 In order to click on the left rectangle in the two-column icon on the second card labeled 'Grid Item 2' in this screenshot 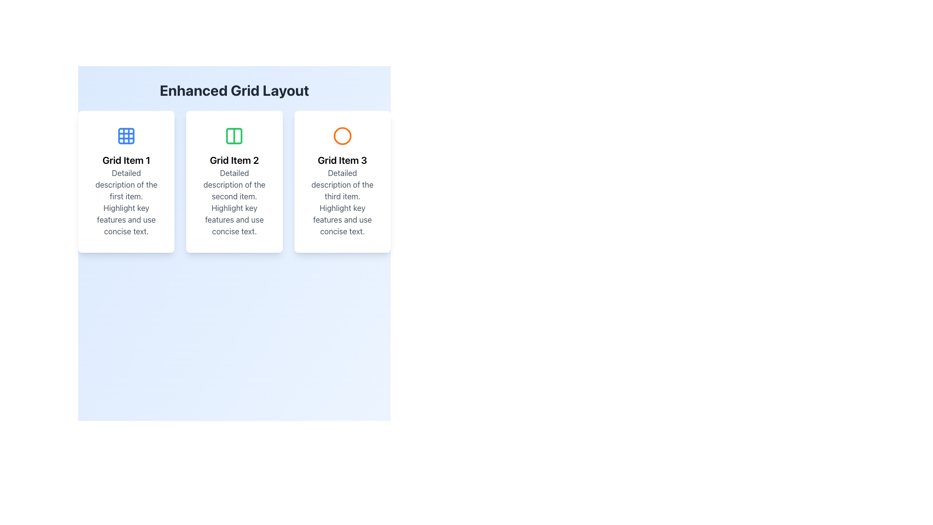, I will do `click(234, 136)`.